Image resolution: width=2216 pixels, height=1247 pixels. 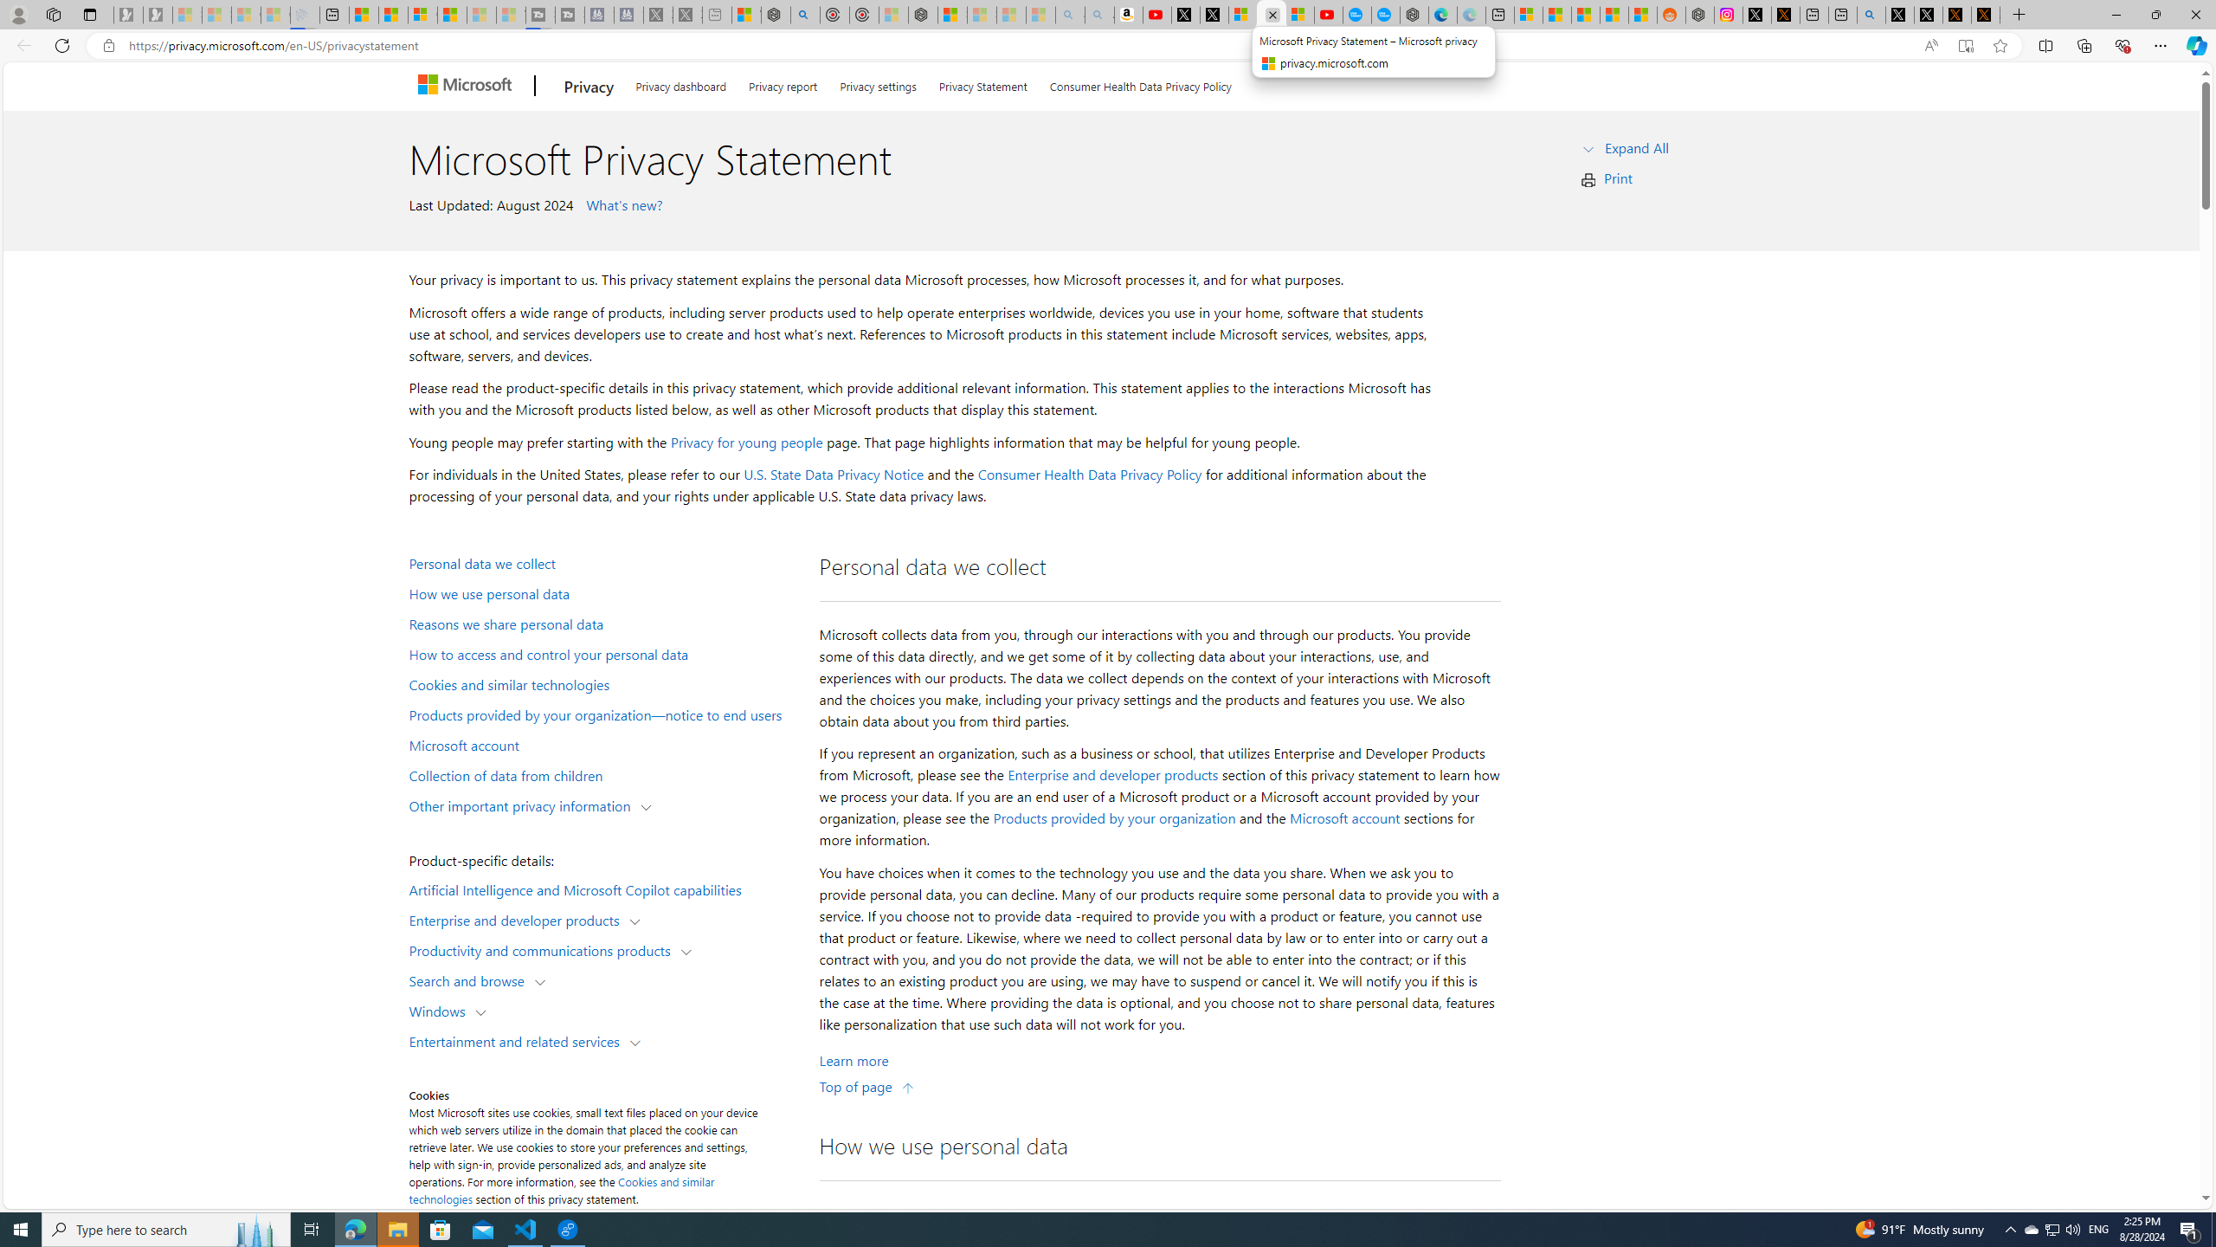 I want to click on 'Microsoft account', so click(x=1344, y=818).